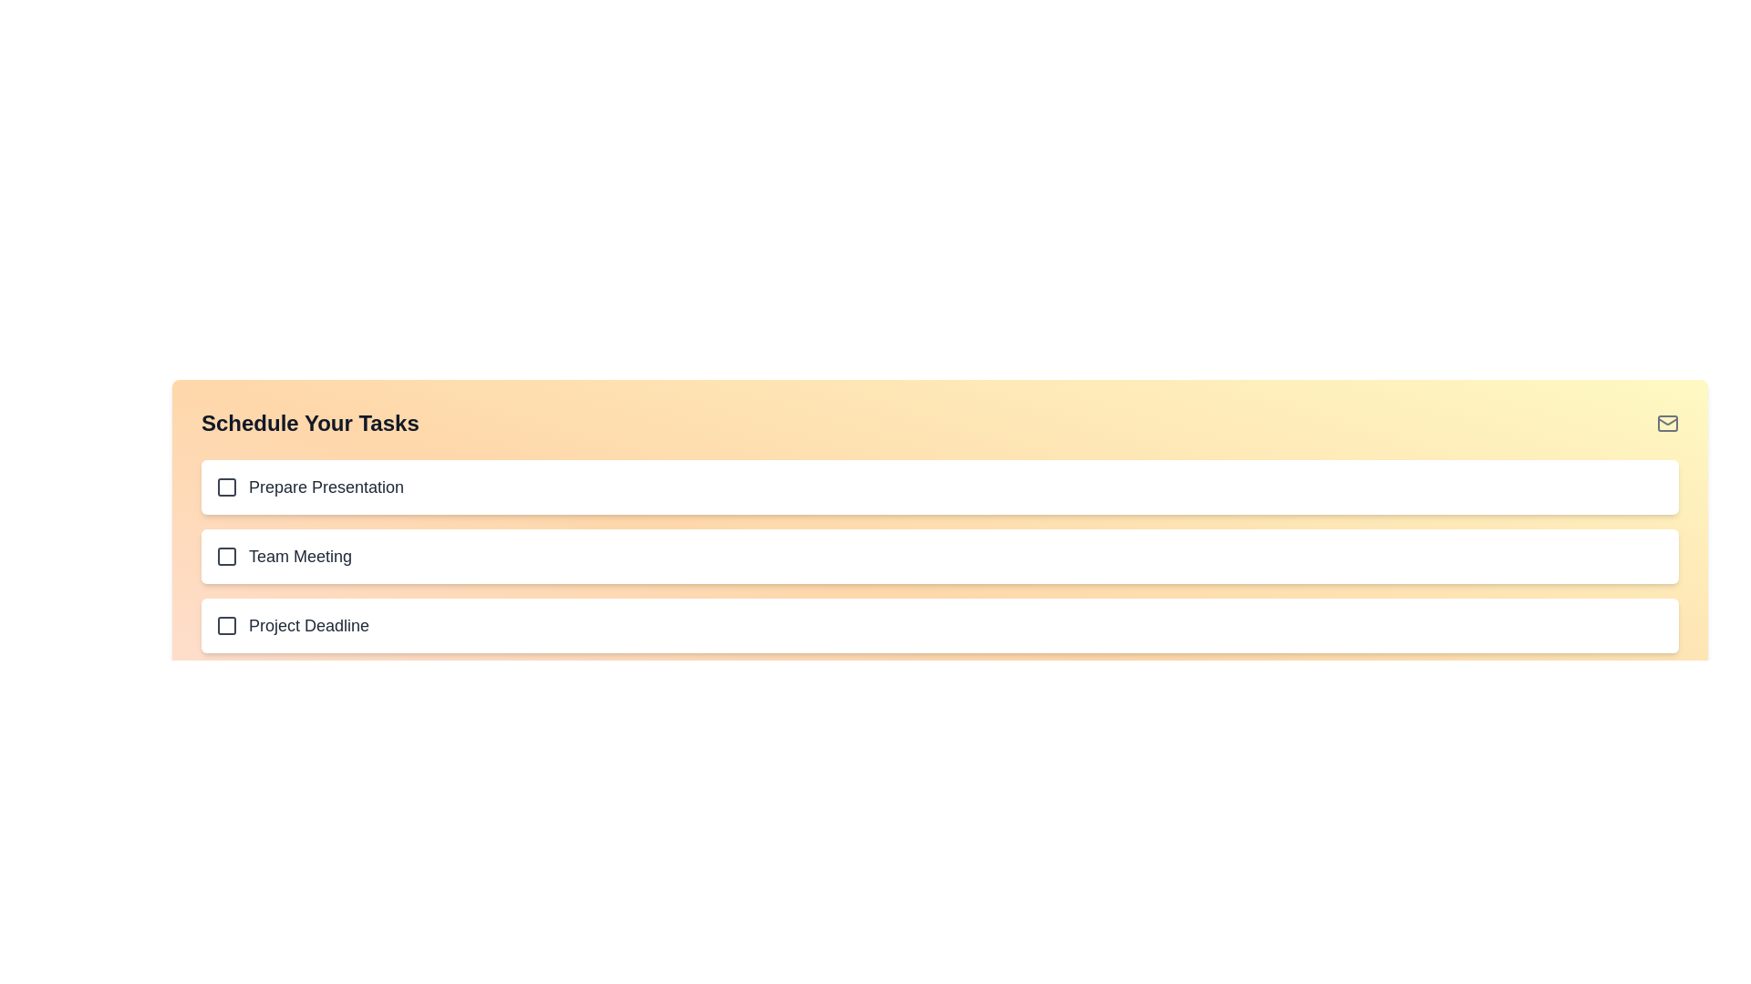 The image size is (1751, 984). I want to click on the checkbox located to the left of the text 'Project Deadline', so click(226, 624).